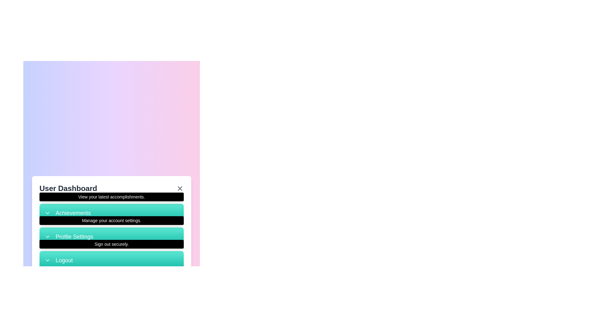  Describe the element at coordinates (112, 212) in the screenshot. I see `the 'Achievements' expandable section located in the User Dashboard` at that location.